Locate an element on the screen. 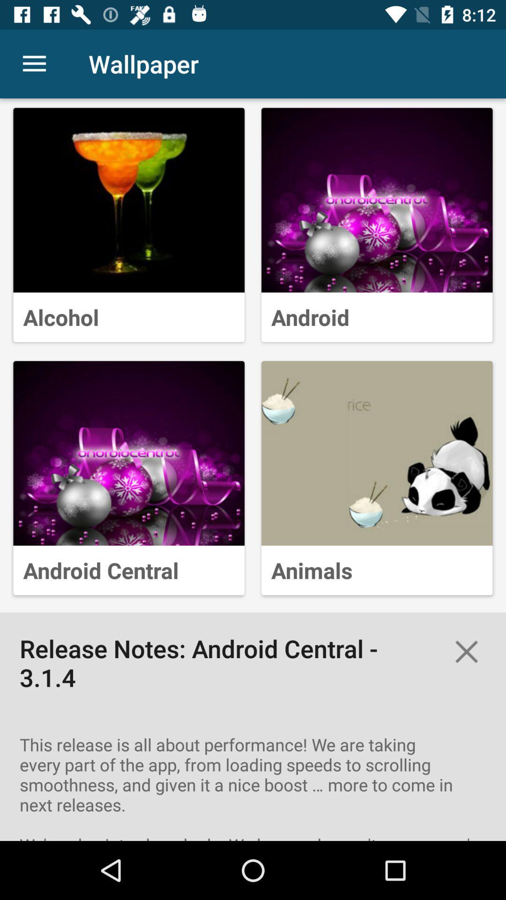 The width and height of the screenshot is (506, 900). the close icon is located at coordinates (466, 651).